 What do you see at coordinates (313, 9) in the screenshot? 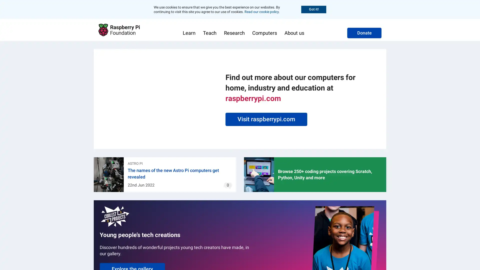
I see `Accept cookies` at bounding box center [313, 9].